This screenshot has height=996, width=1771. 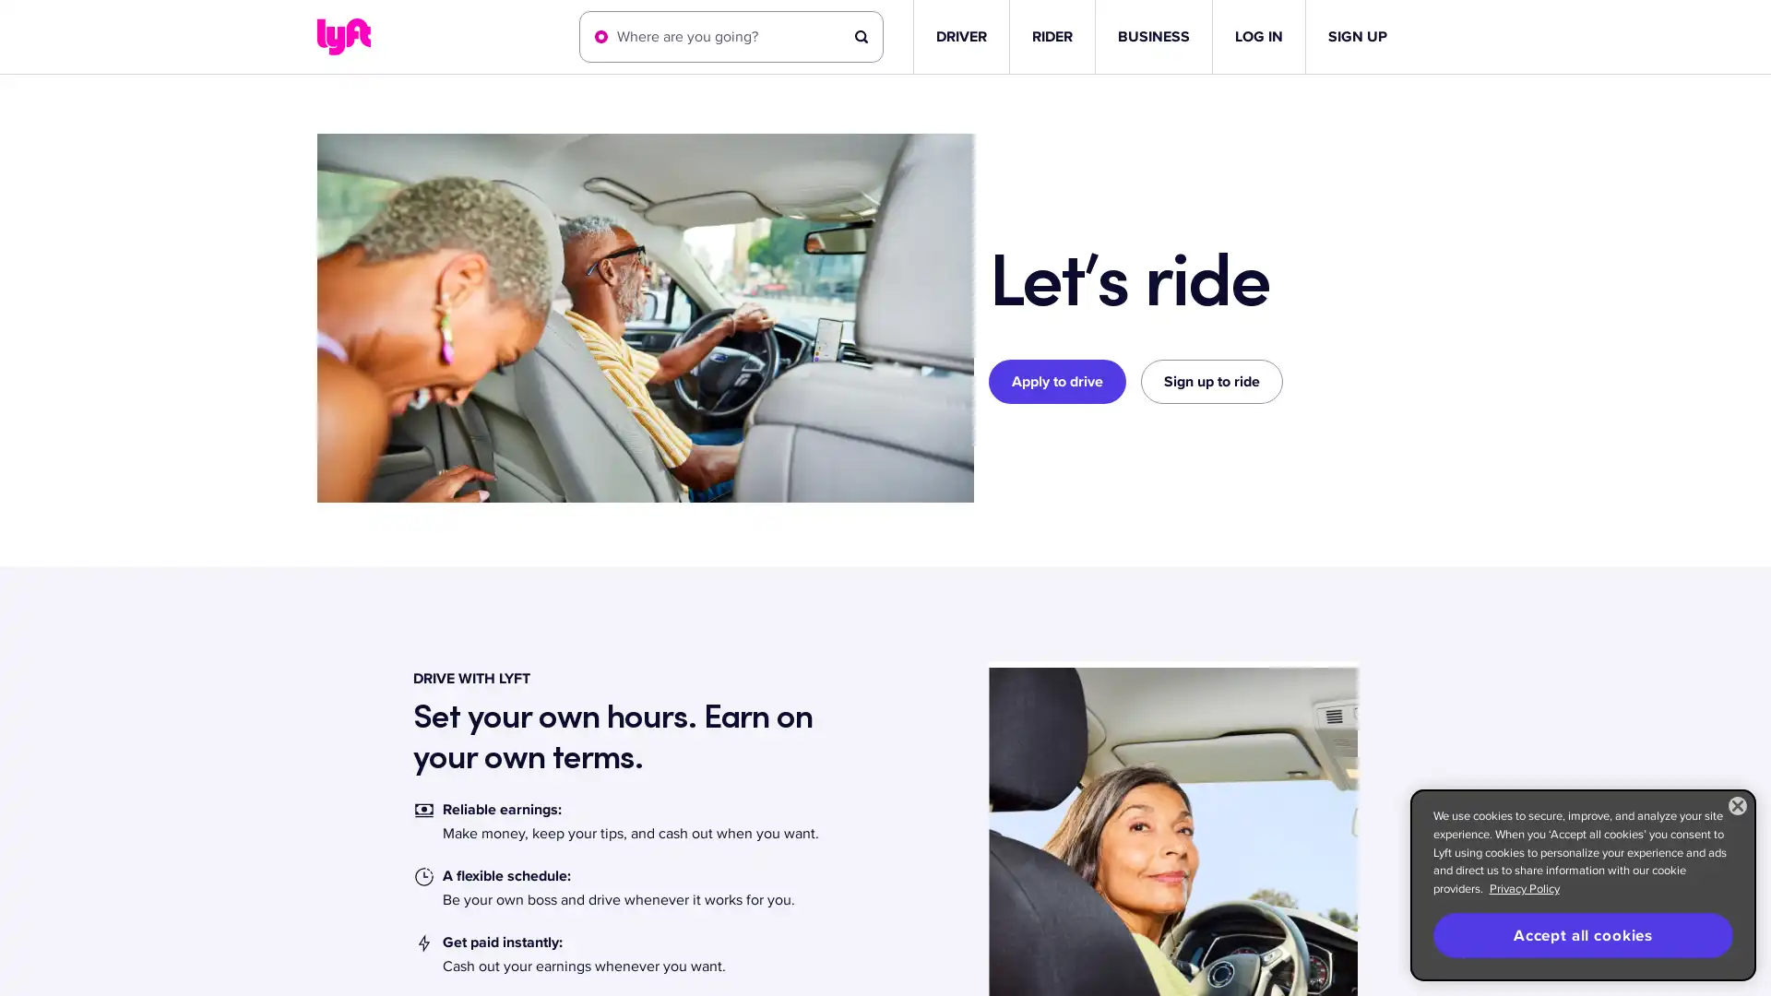 I want to click on Close, so click(x=1736, y=805).